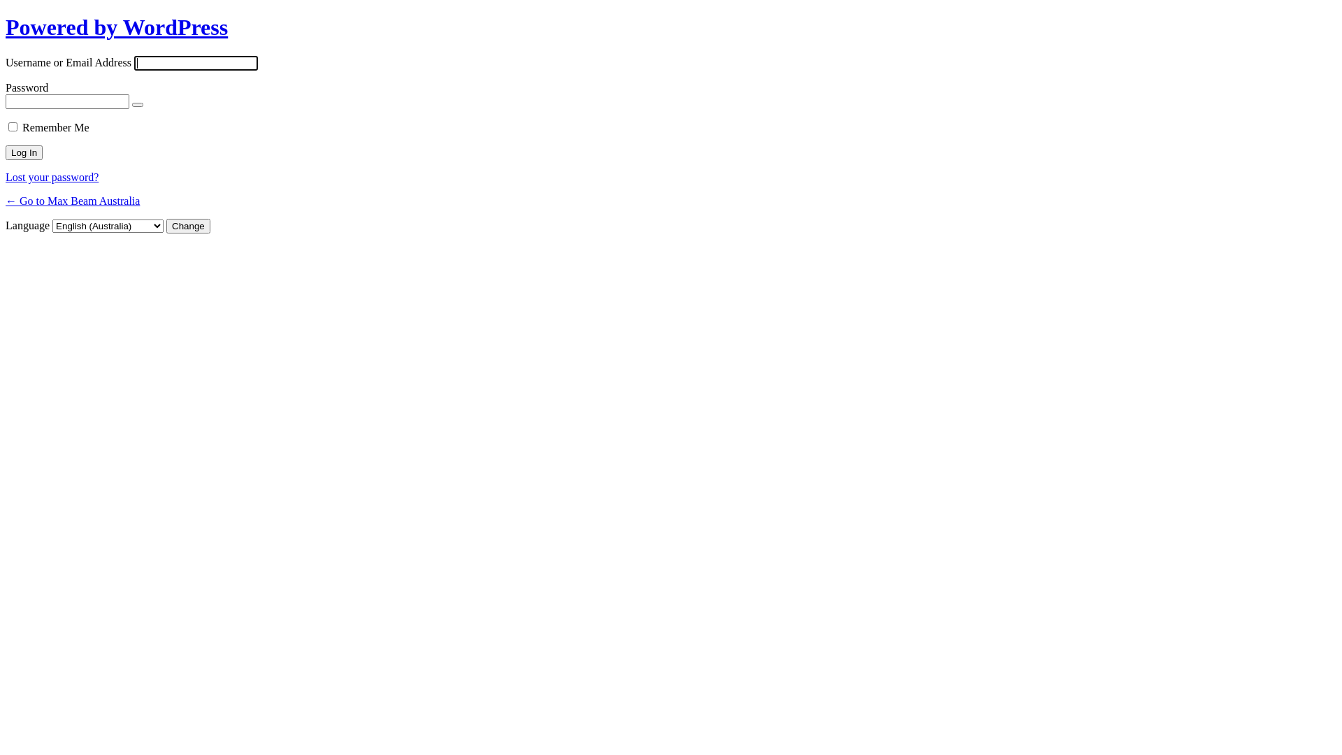 The height and width of the screenshot is (755, 1342). What do you see at coordinates (187, 225) in the screenshot?
I see `'Change'` at bounding box center [187, 225].